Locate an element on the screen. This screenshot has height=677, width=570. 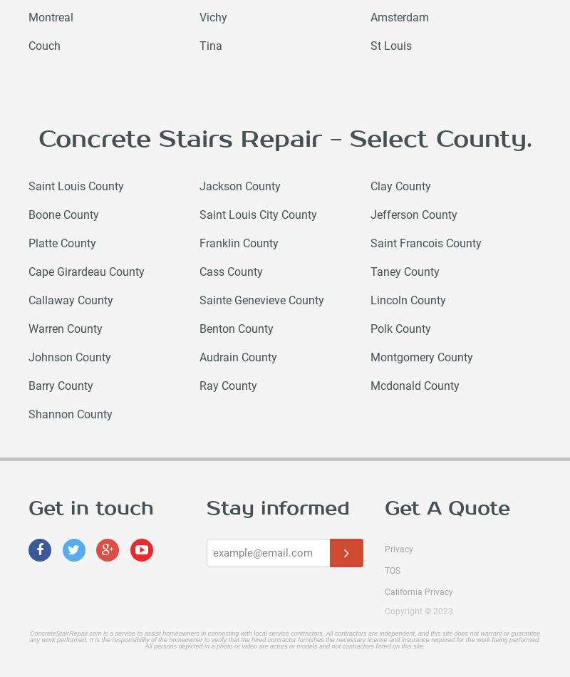
'Privacy' is located at coordinates (399, 549).